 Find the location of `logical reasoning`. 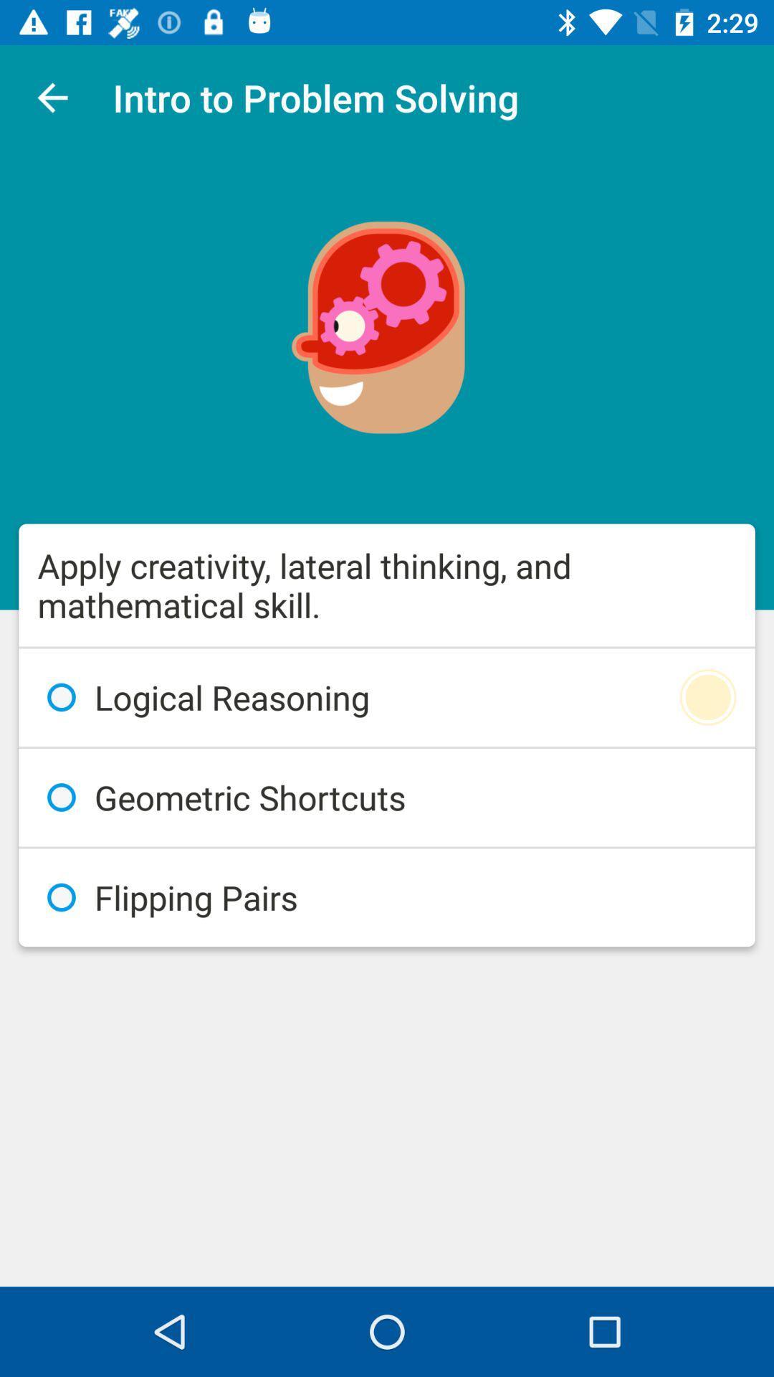

logical reasoning is located at coordinates (387, 697).